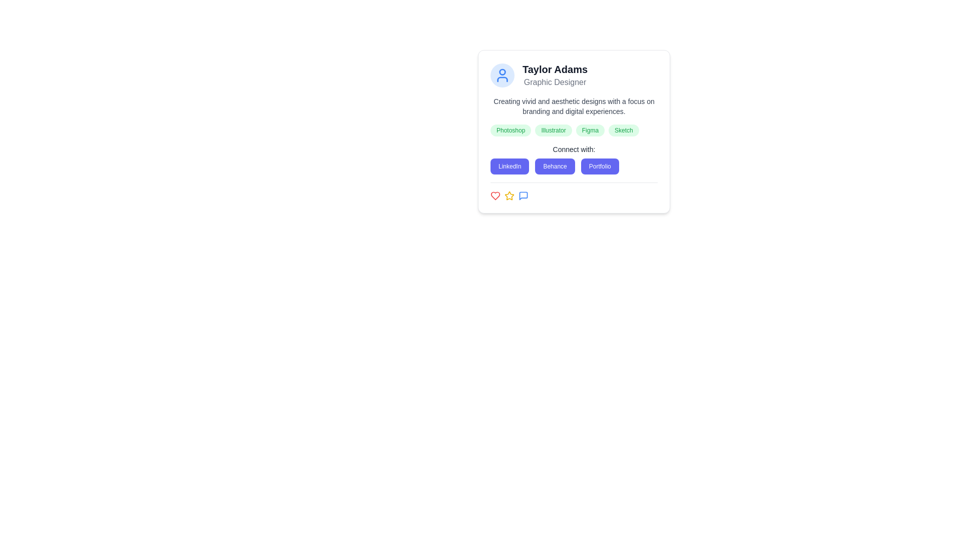 The image size is (961, 540). What do you see at coordinates (502, 74) in the screenshot?
I see `the user profile icon, which is a circular element with a light blue background, located above the text 'Taylor Adams' in the top-left corner of the card layout` at bounding box center [502, 74].